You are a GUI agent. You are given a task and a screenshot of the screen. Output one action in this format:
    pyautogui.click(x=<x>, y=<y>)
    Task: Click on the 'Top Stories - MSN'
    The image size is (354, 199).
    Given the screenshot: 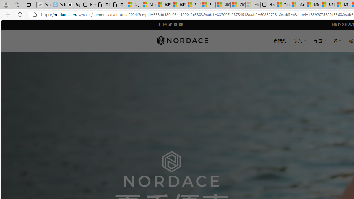 What is the action you would take?
    pyautogui.click(x=283, y=5)
    